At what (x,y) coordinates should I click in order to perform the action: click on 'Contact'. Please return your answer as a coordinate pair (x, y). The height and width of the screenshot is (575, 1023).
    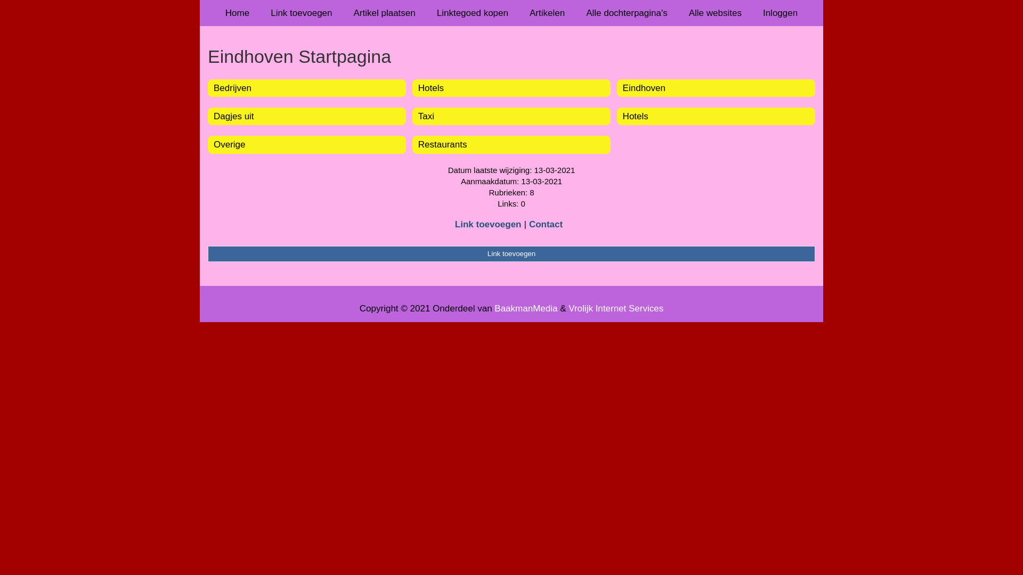
    Looking at the image, I should click on (546, 224).